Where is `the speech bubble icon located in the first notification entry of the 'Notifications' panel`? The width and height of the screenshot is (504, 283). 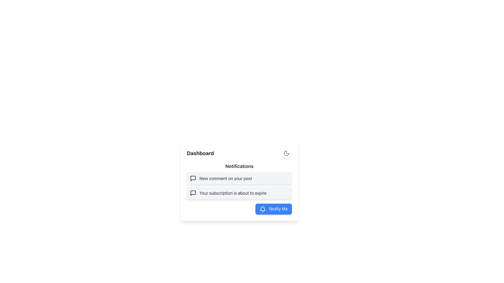
the speech bubble icon located in the first notification entry of the 'Notifications' panel is located at coordinates (193, 193).